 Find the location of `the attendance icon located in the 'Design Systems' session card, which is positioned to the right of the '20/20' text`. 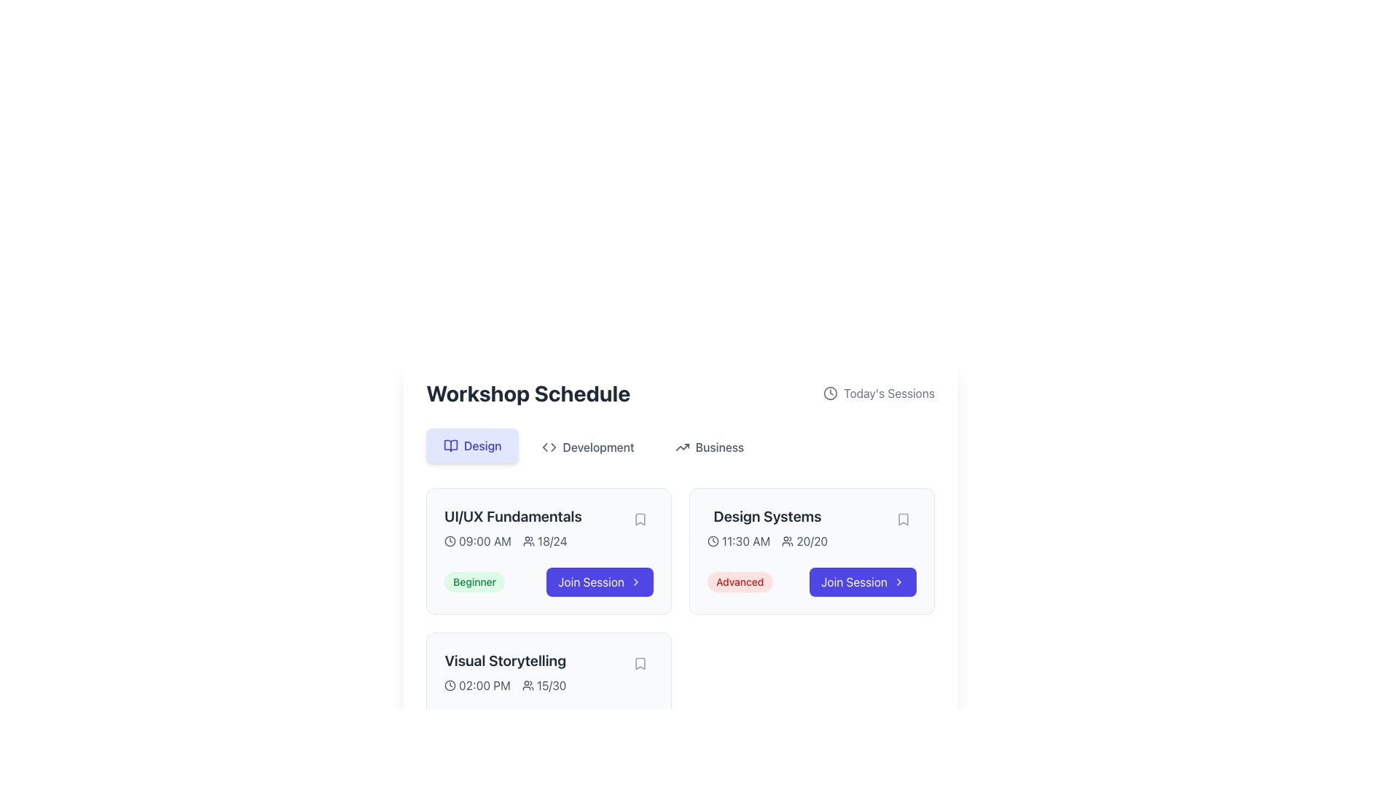

the attendance icon located in the 'Design Systems' session card, which is positioned to the right of the '20/20' text is located at coordinates (787, 541).